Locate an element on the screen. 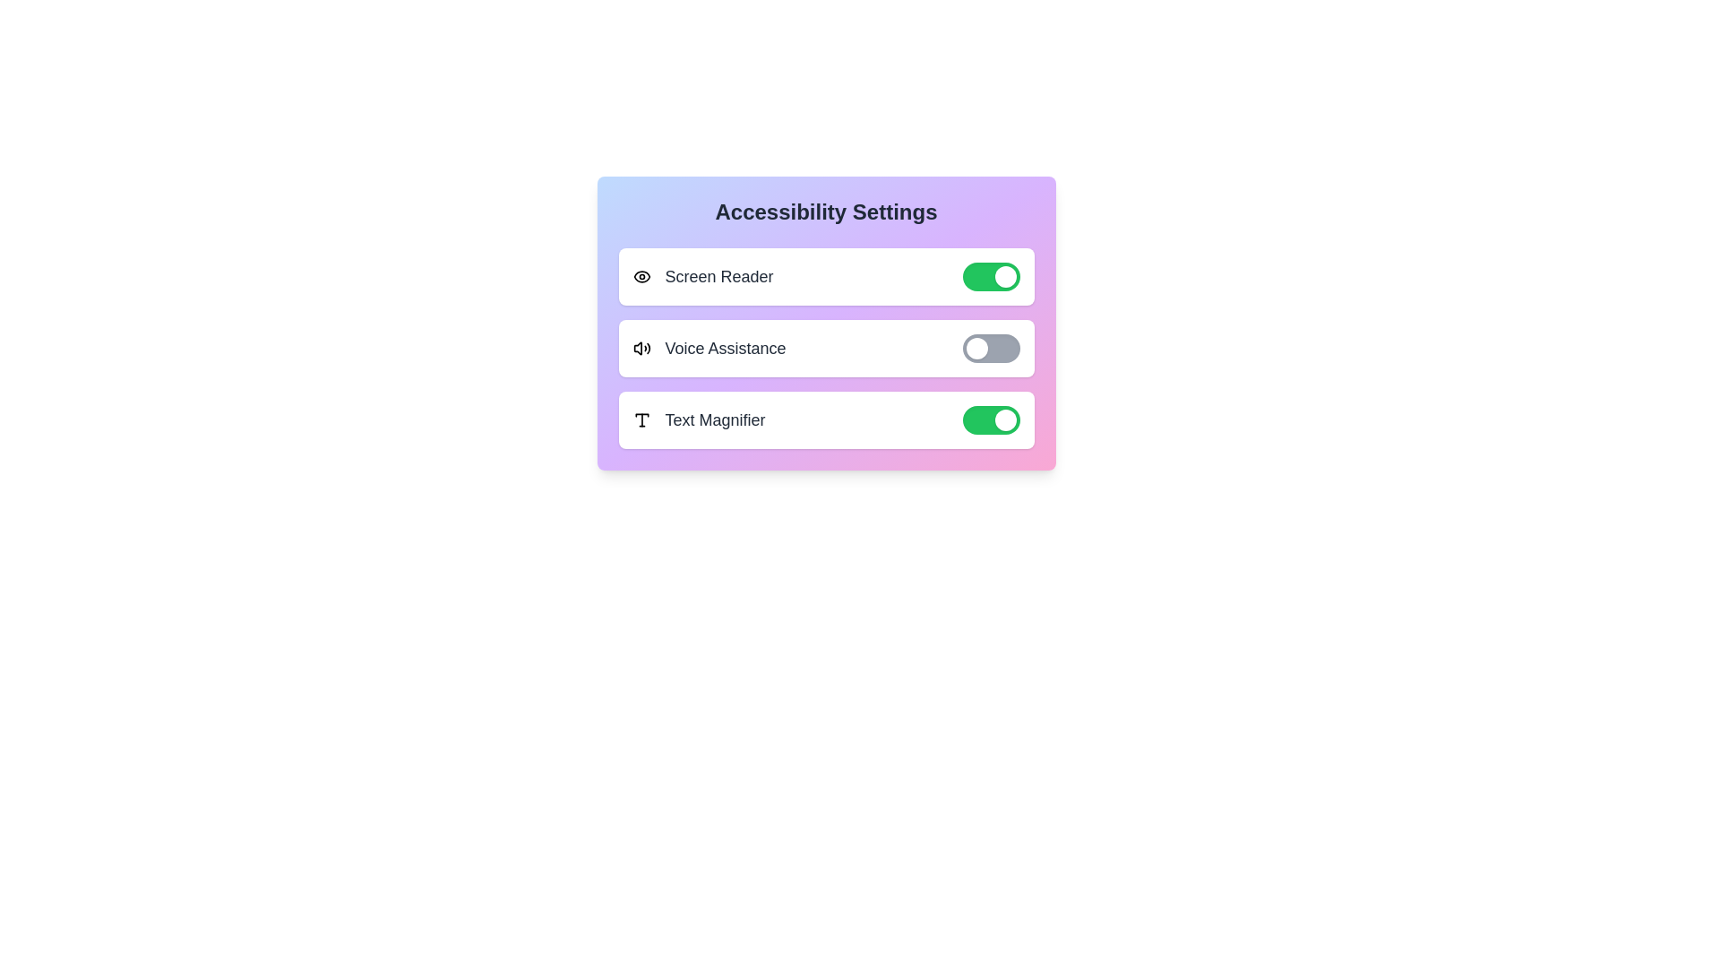 This screenshot has width=1720, height=968. the icon associated with the 'Screen Reader' option to view its details is located at coordinates (641, 276).